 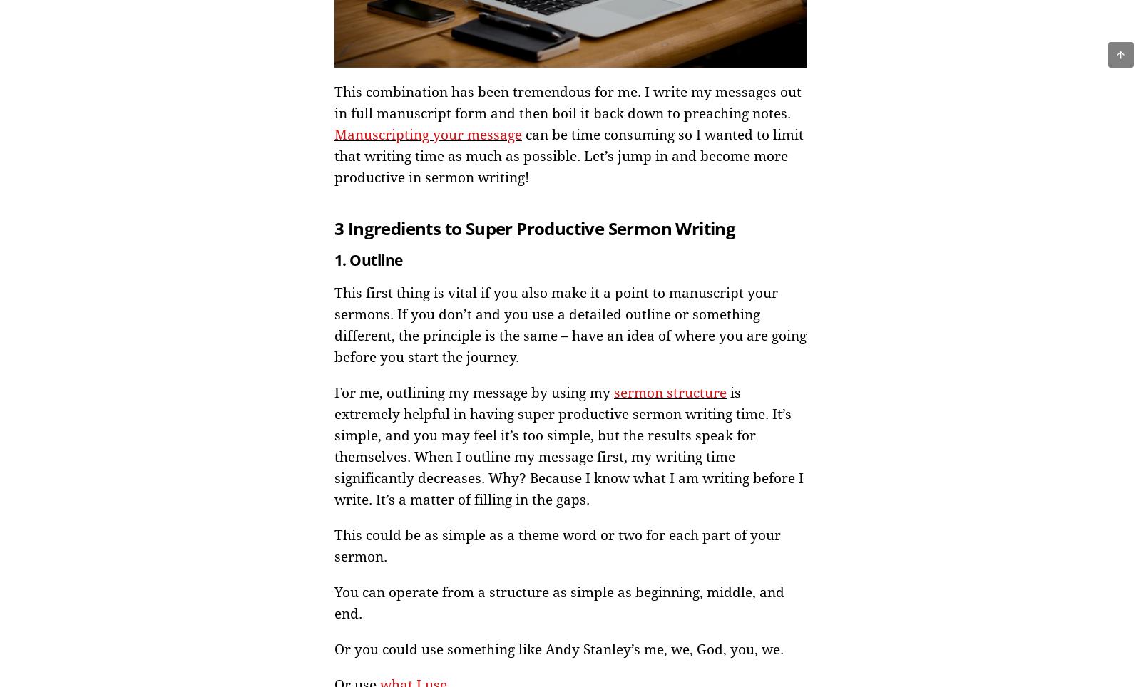 What do you see at coordinates (670, 393) in the screenshot?
I see `'sermon structure'` at bounding box center [670, 393].